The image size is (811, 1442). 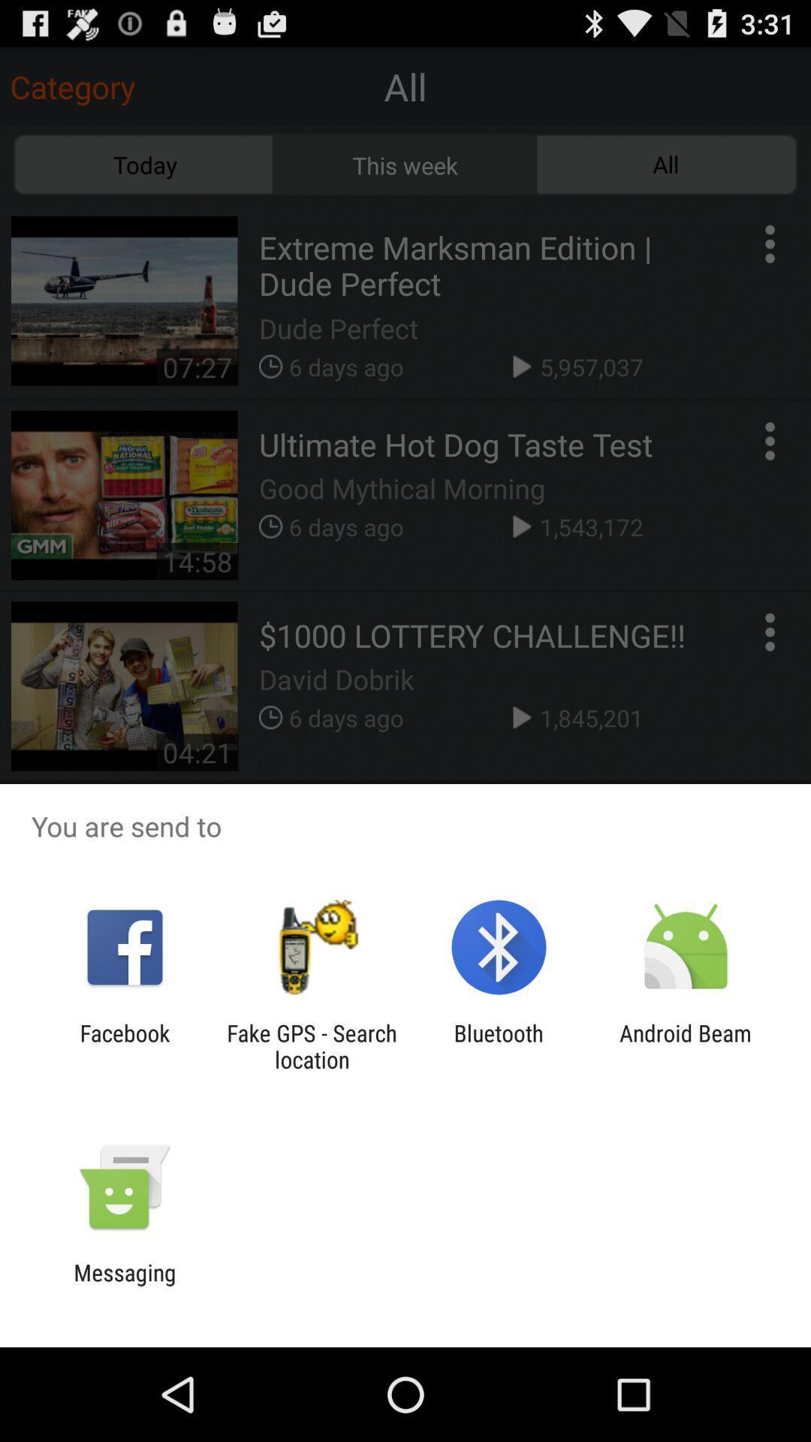 What do you see at coordinates (686, 1045) in the screenshot?
I see `icon at the bottom right corner` at bounding box center [686, 1045].